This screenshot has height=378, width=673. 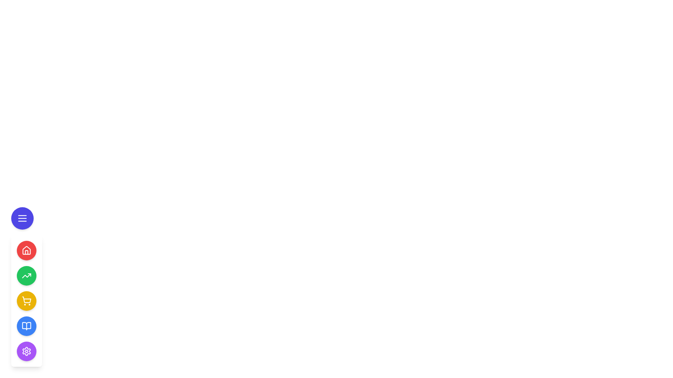 What do you see at coordinates (27, 301) in the screenshot?
I see `the yellow circular button with a white shopping cart icon, located as the third button from the top in a vertical stack of buttons` at bounding box center [27, 301].